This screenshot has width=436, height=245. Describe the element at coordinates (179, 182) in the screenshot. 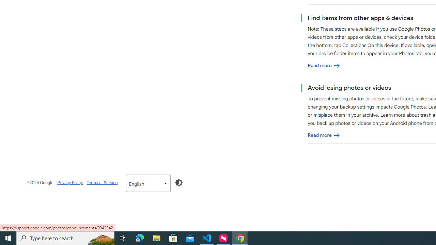

I see `'Enable Dark Mode'` at that location.